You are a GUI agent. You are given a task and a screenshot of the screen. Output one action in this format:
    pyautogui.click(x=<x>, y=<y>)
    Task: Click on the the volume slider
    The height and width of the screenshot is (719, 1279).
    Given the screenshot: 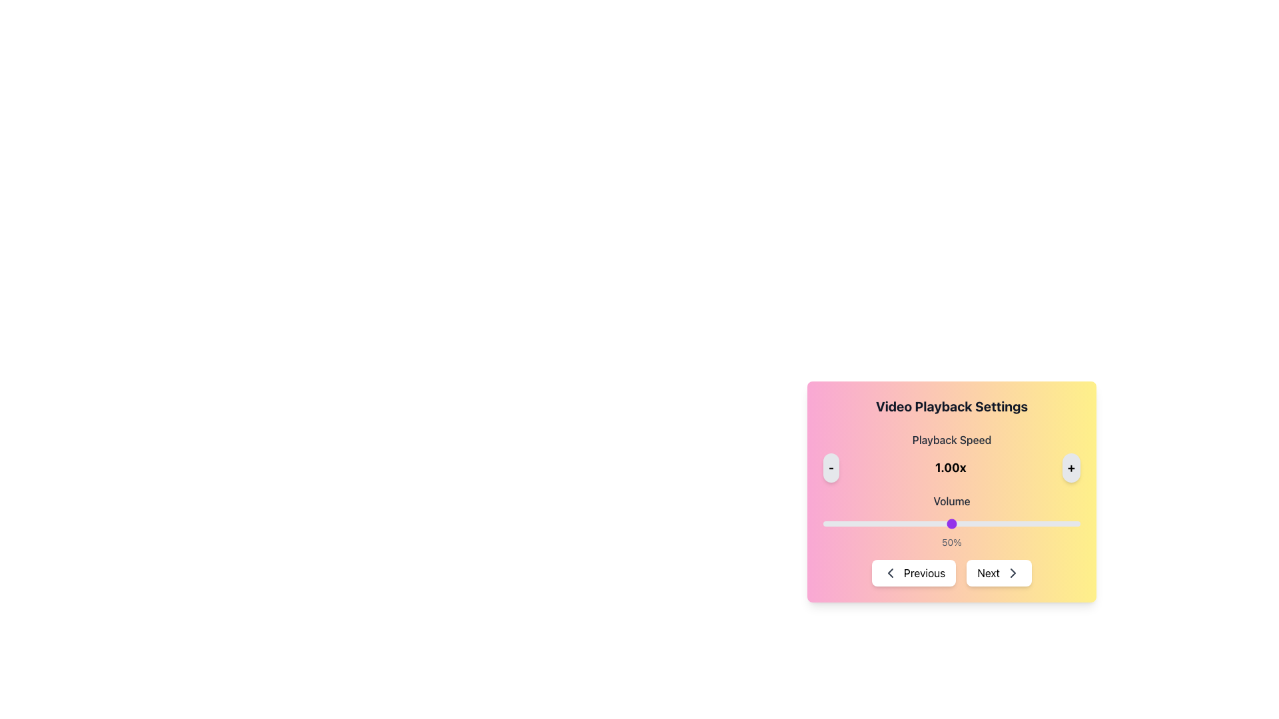 What is the action you would take?
    pyautogui.click(x=962, y=523)
    